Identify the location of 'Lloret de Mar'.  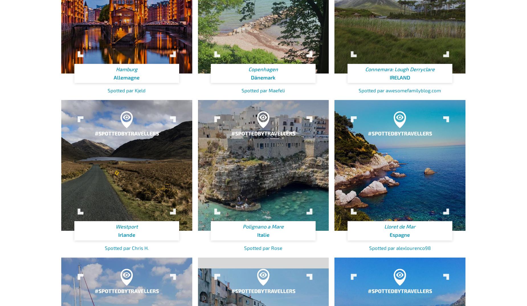
(400, 226).